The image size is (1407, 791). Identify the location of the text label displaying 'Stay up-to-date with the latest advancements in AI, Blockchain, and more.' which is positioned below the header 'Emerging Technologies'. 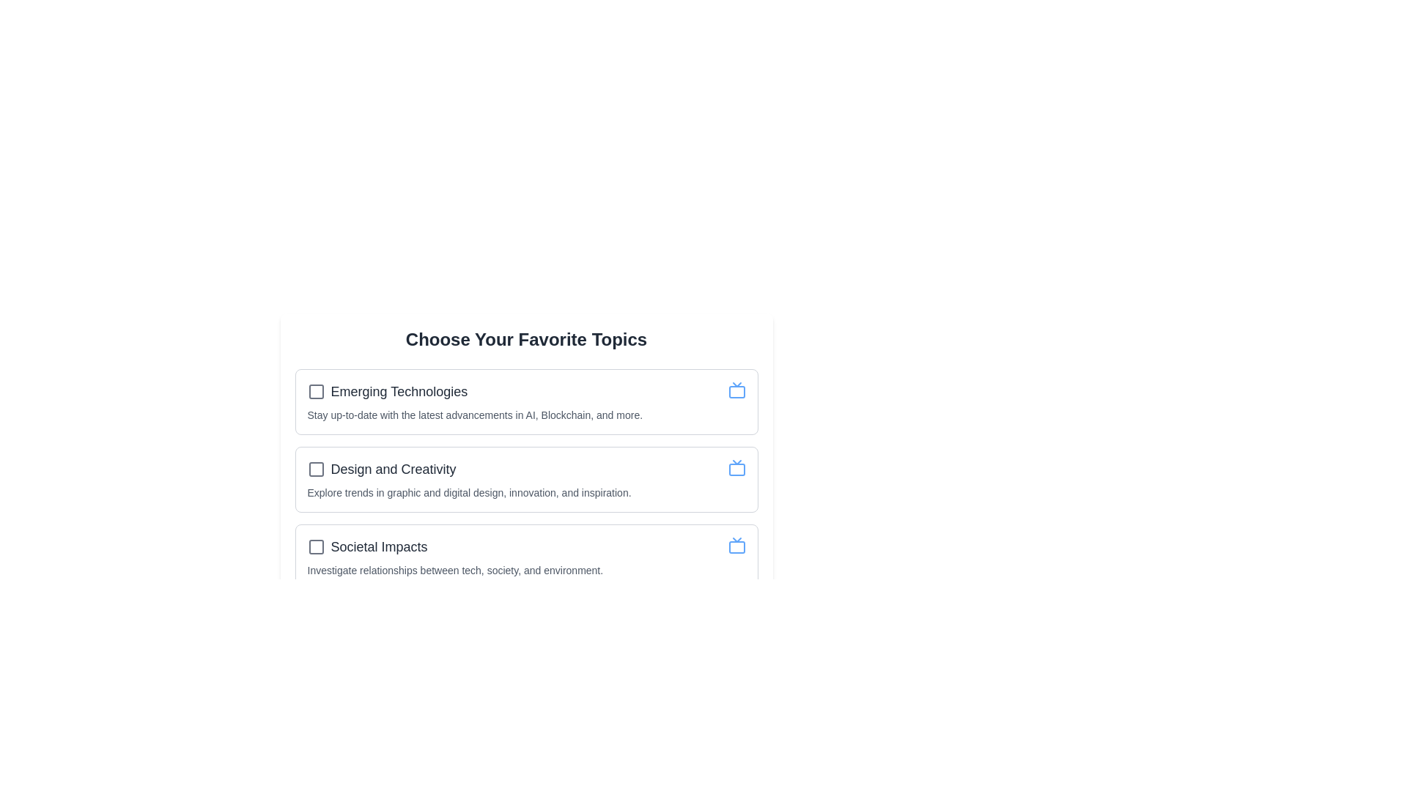
(475, 415).